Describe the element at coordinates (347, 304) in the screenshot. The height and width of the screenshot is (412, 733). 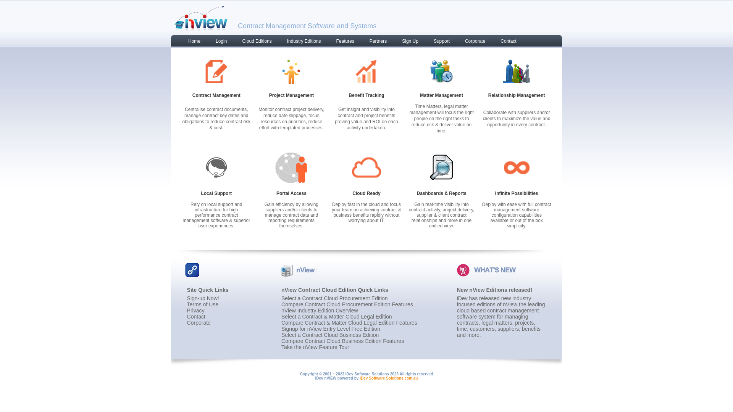
I see `'Compare Contract Cloud Procurement Edition Features'` at that location.